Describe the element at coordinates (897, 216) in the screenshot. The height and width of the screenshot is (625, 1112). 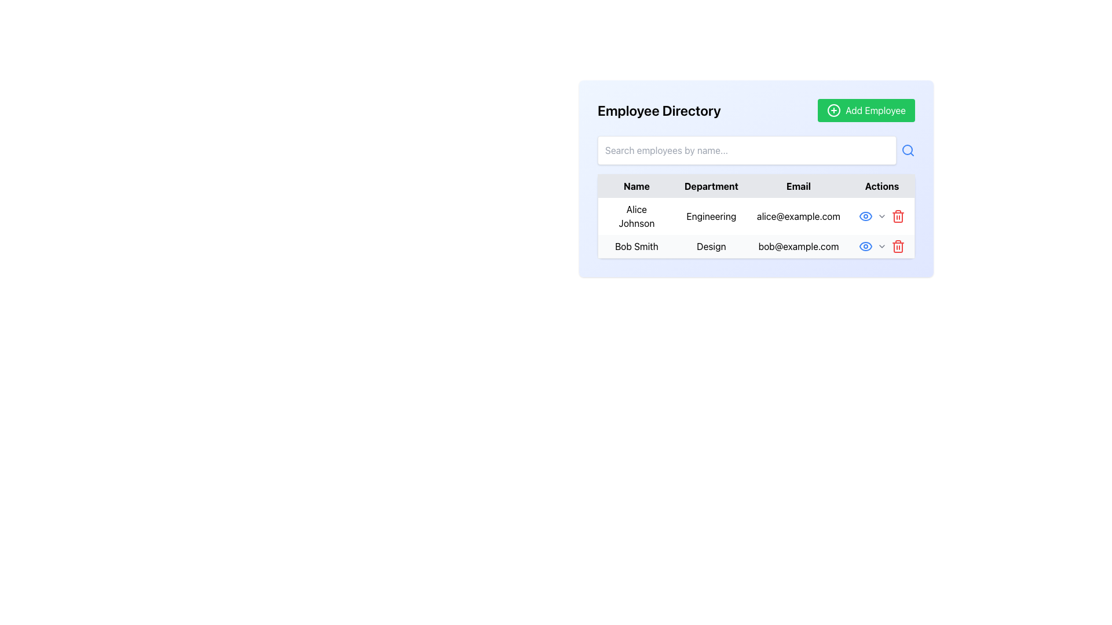
I see `the red-colored trash can icon` at that location.